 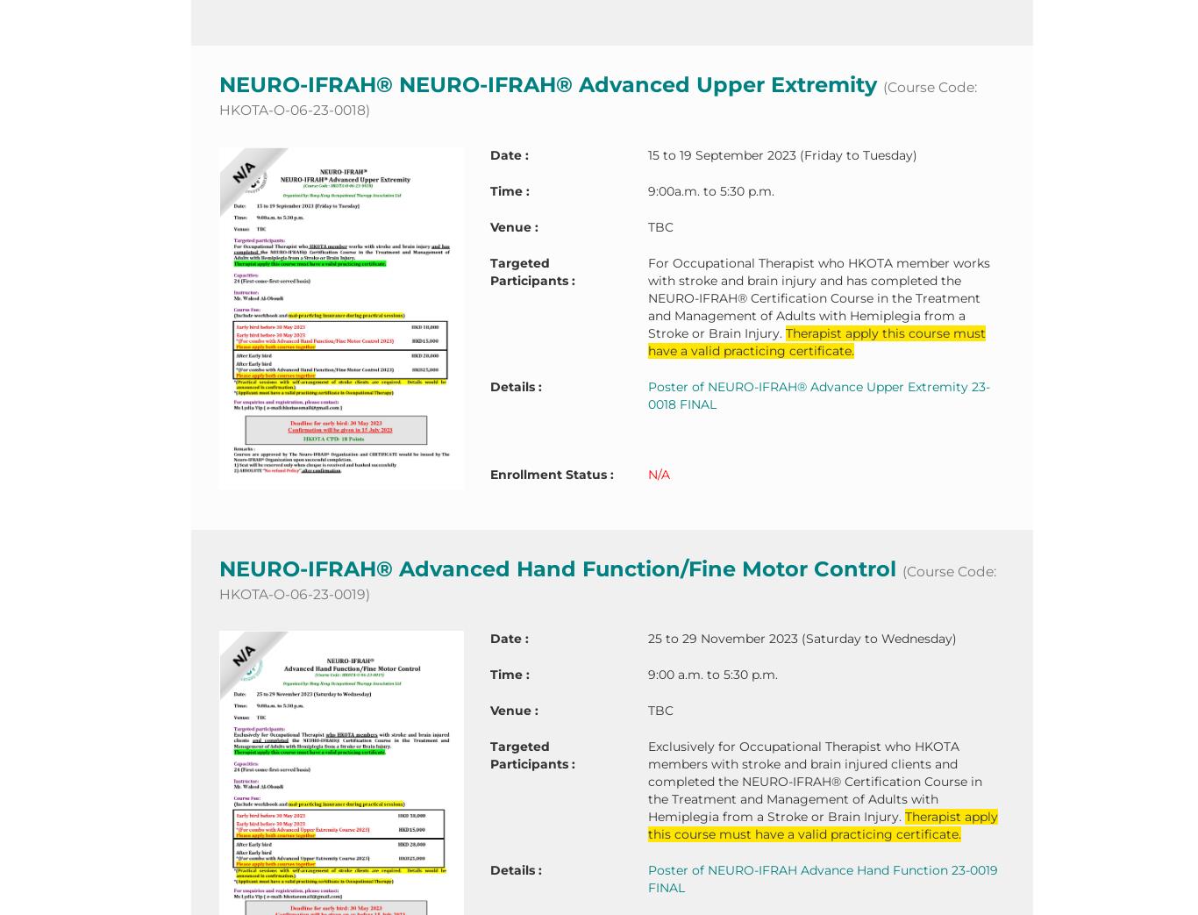 What do you see at coordinates (710, 674) in the screenshot?
I see `'9:00 a.m. to 5:30 p.m.'` at bounding box center [710, 674].